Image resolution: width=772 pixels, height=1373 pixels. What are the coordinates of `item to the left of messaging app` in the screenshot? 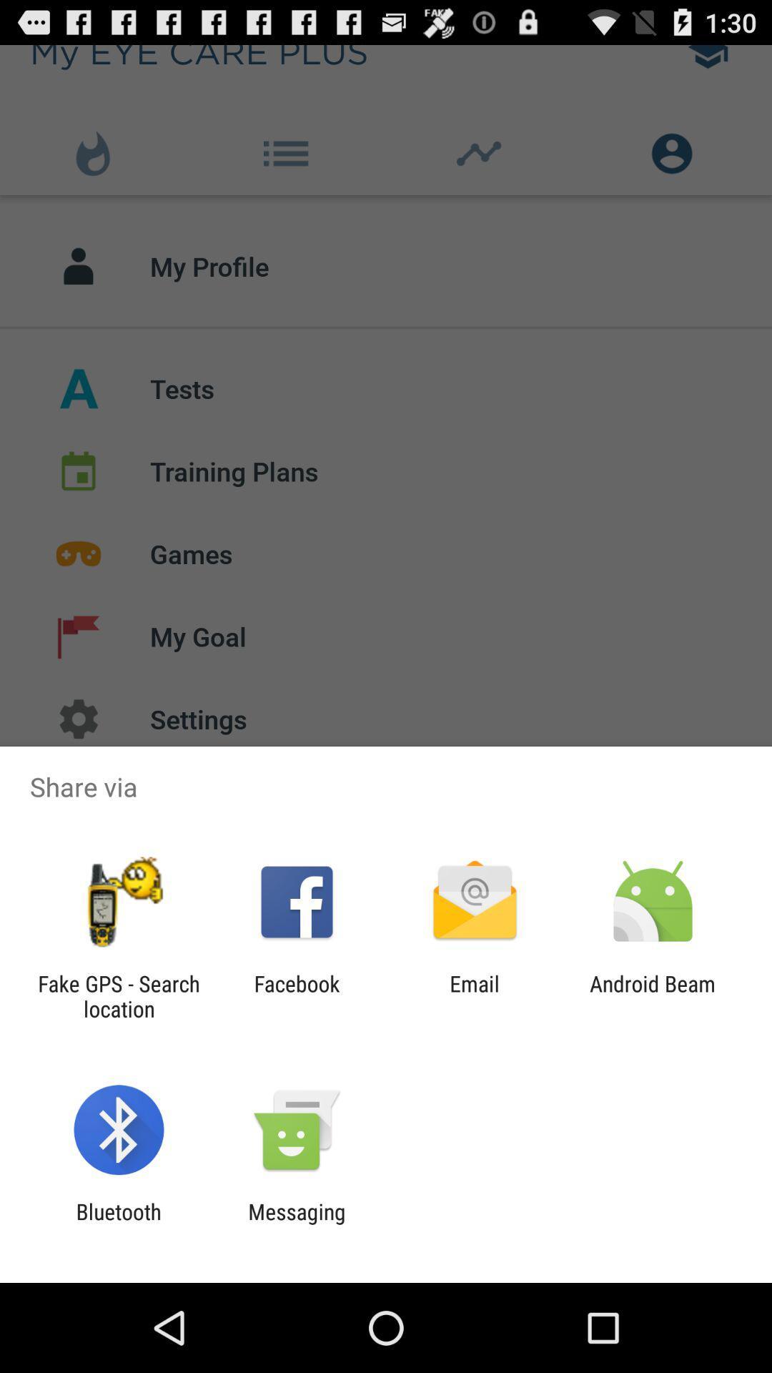 It's located at (118, 1224).